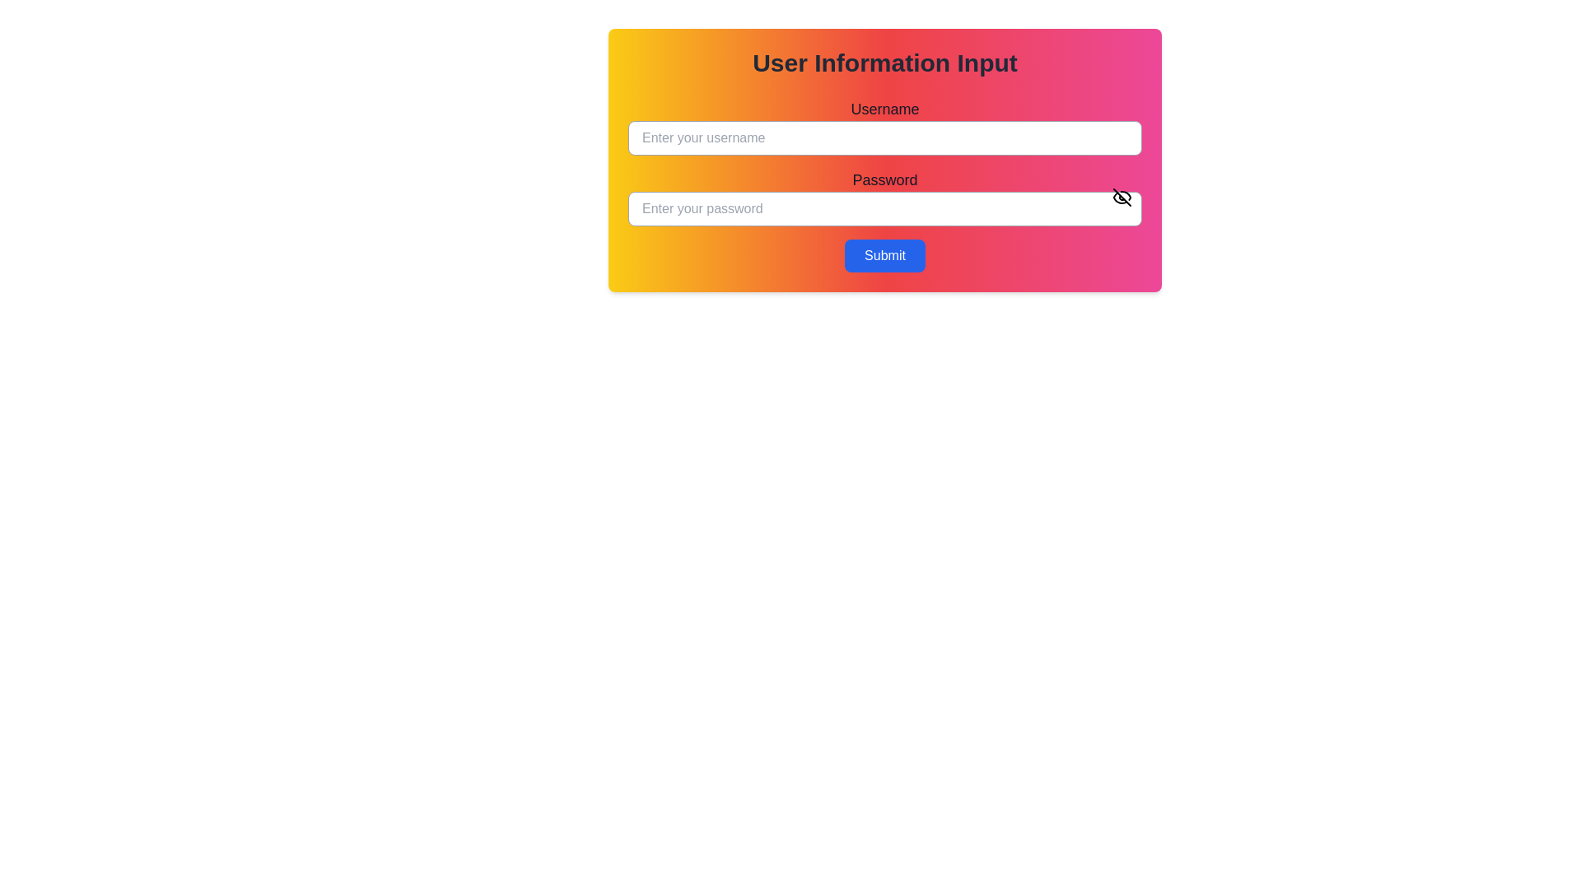 This screenshot has width=1581, height=889. What do you see at coordinates (884, 180) in the screenshot?
I see `the 'Password' label which displays the text in bold, medium-sized font with a strong black color, located between the 'Username' label and the password input field` at bounding box center [884, 180].